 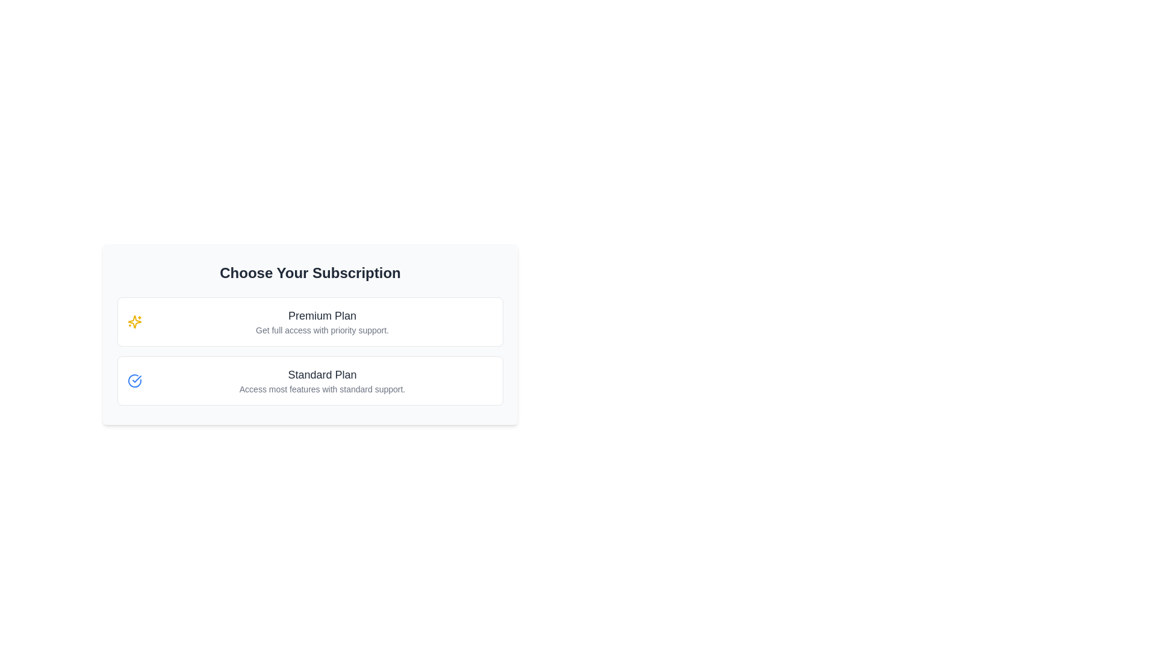 What do you see at coordinates (135, 380) in the screenshot?
I see `the indicator icon located to the left of the 'Standard Plan' text, which suggests a selected or confirmed state` at bounding box center [135, 380].